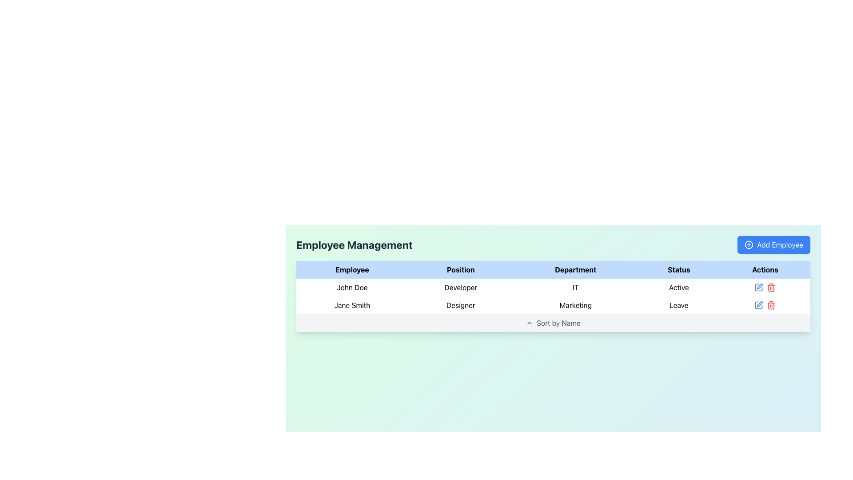 This screenshot has height=480, width=853. I want to click on the text displaying the job title 'Designer' for 'Jane Smith' located in the second row of the table under the 'Position' column, so click(461, 304).